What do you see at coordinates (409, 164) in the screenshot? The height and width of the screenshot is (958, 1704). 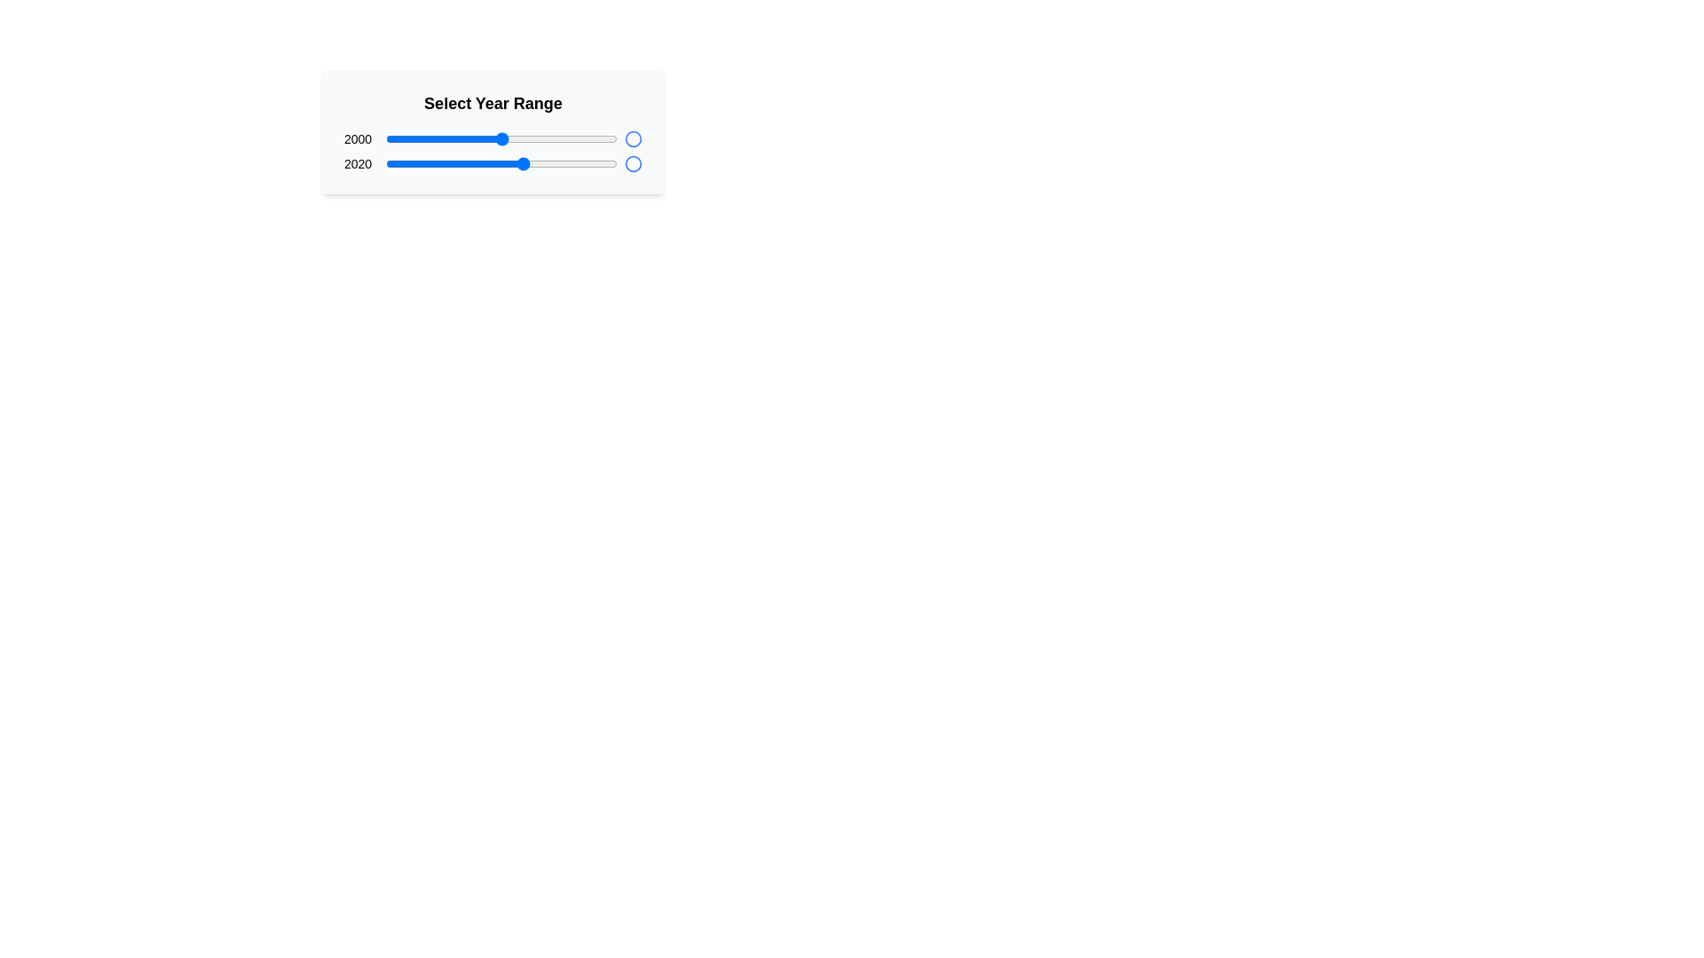 I see `the year value` at bounding box center [409, 164].